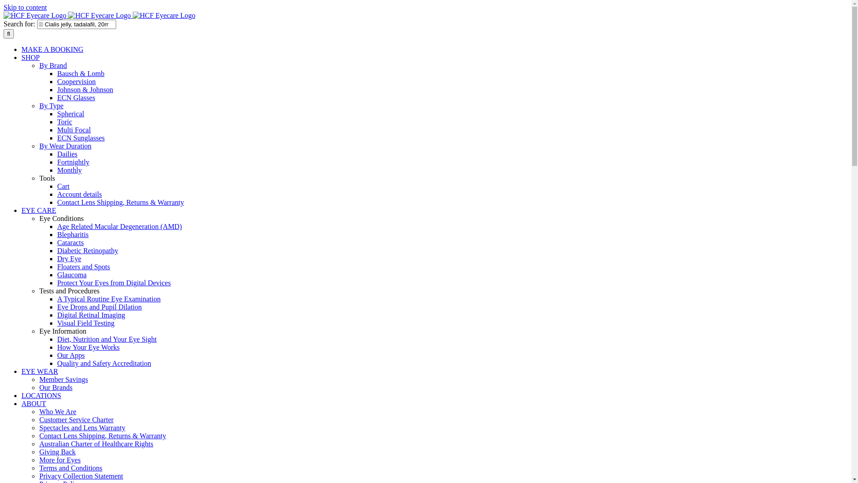 This screenshot has height=483, width=858. I want to click on 'Diabetic Retinopathy', so click(88, 250).